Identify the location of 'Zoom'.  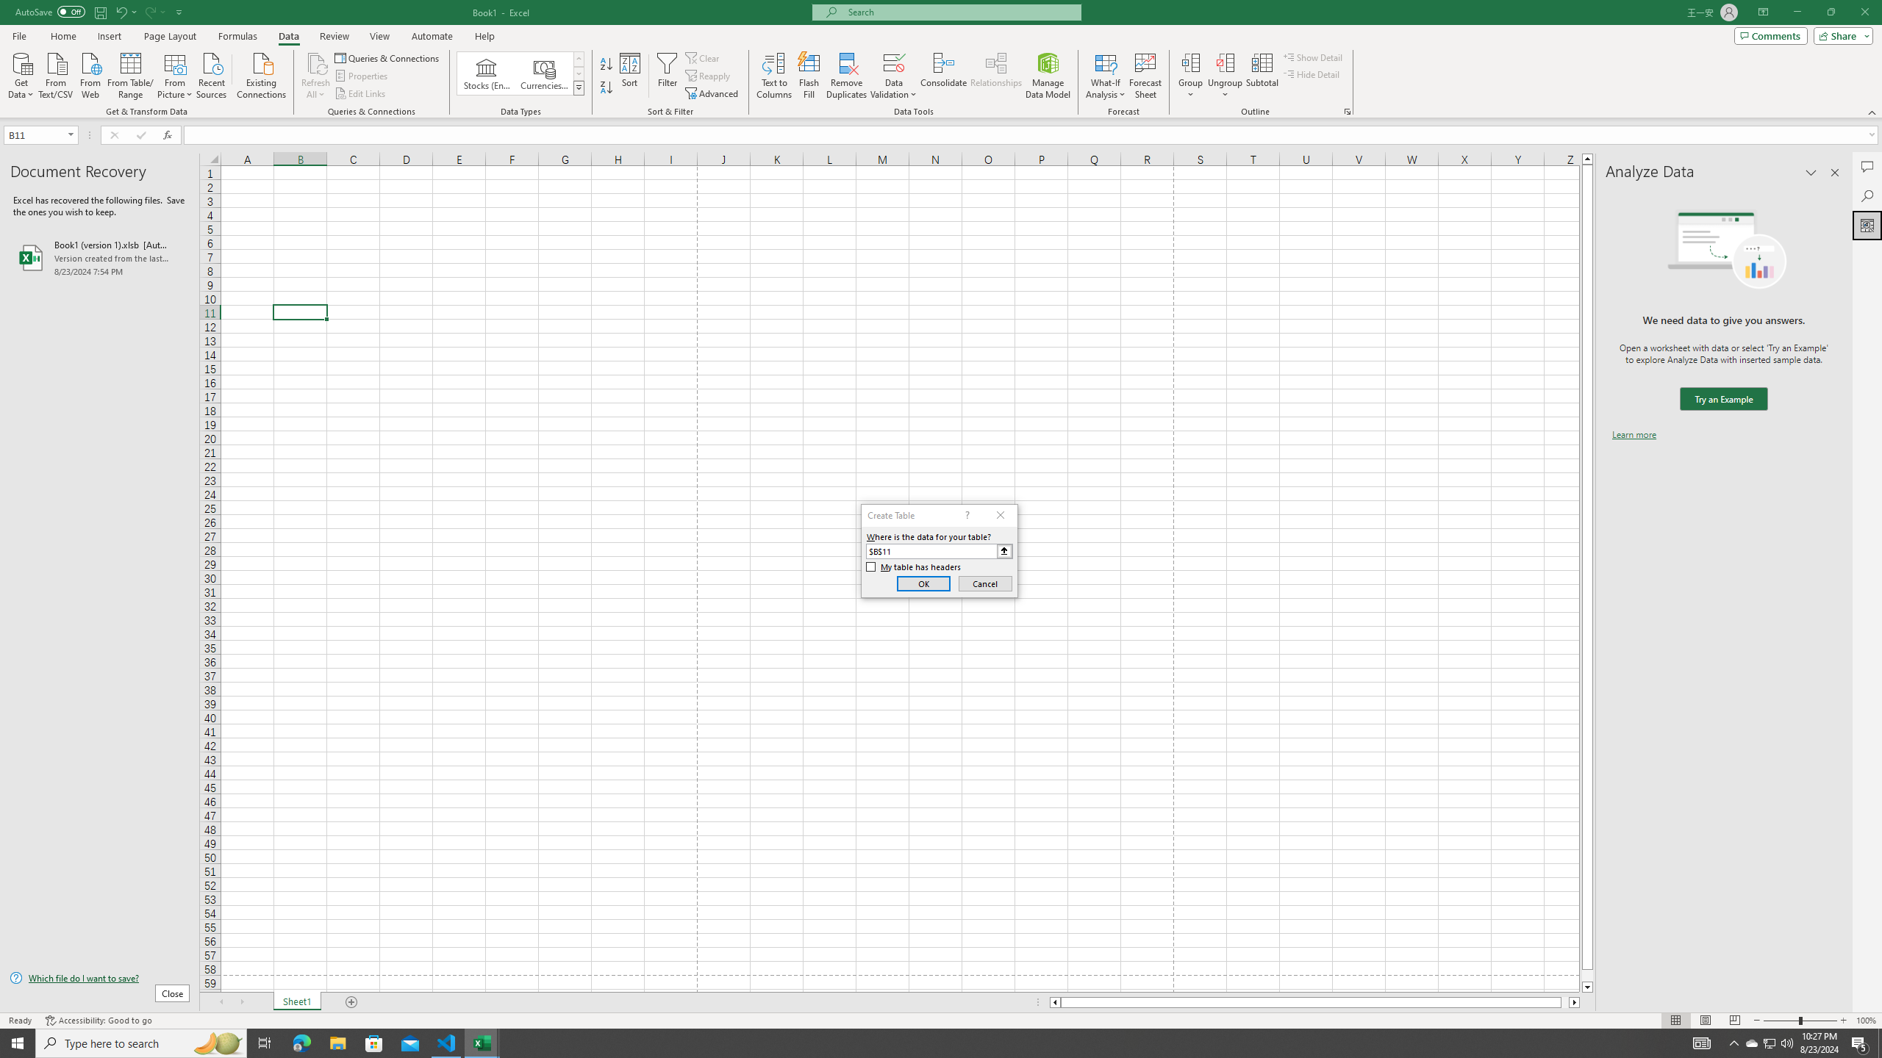
(1799, 1021).